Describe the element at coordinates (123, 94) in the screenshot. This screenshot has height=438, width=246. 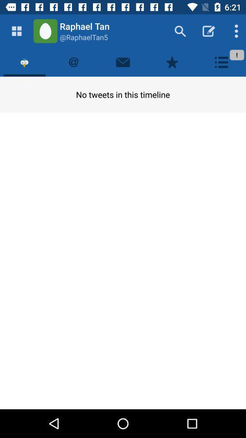
I see `the no tweets in item` at that location.